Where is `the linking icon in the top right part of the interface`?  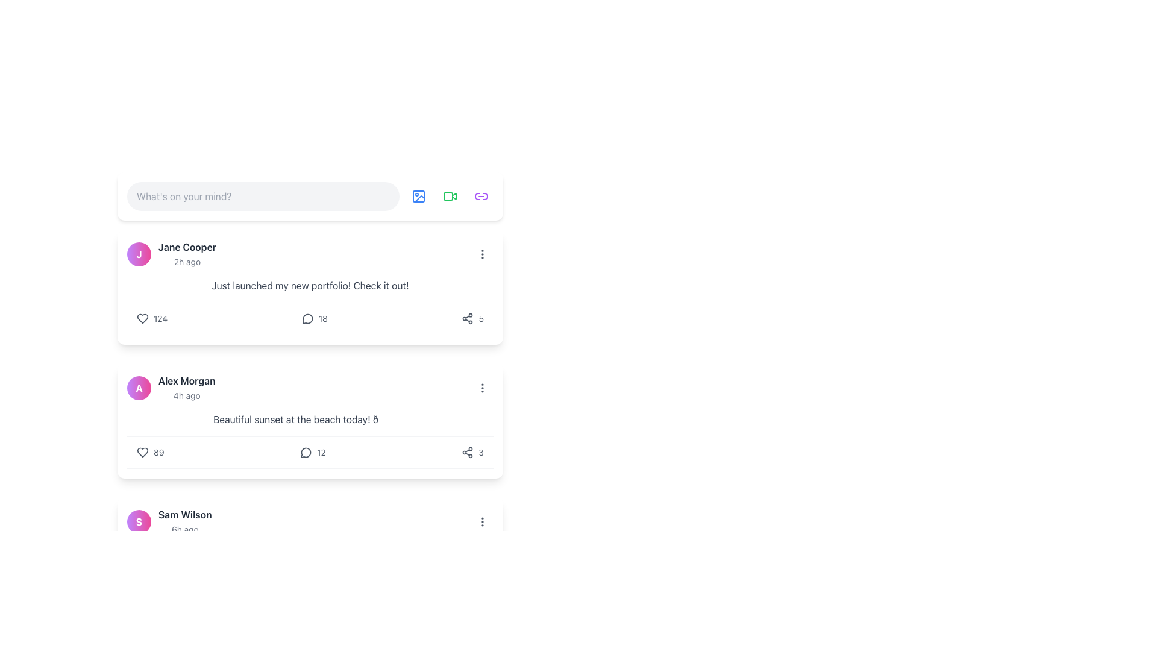 the linking icon in the top right part of the interface is located at coordinates (480, 196).